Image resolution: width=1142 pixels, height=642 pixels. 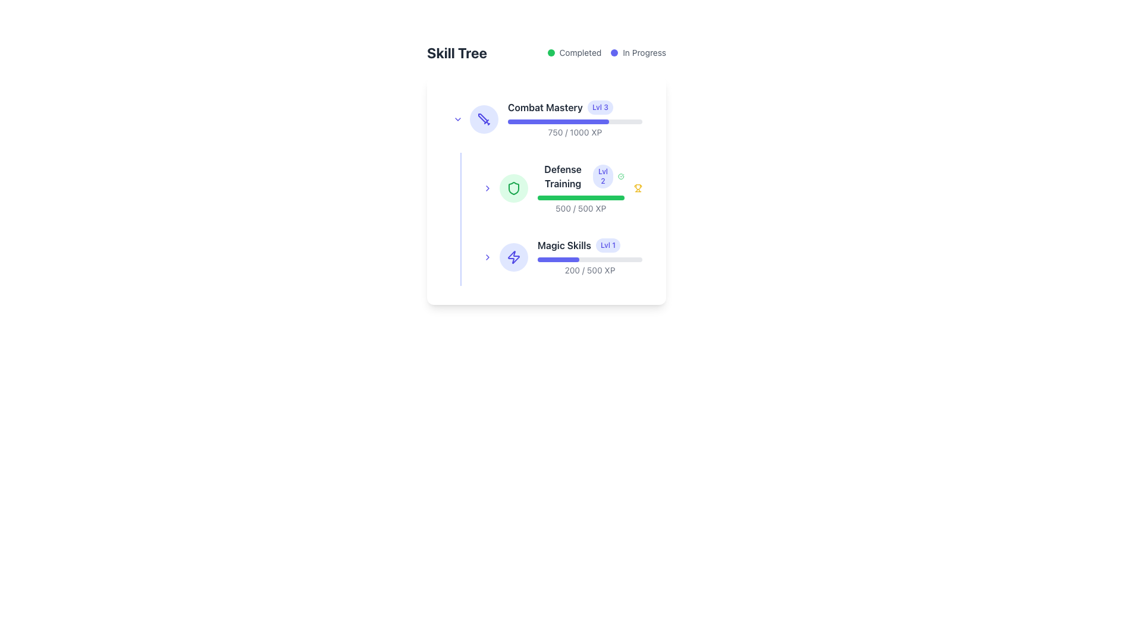 I want to click on the sword icon displayed within a circular, indigo-shaded background, which is the first icon in the skill categories of the skill tree interface, located to the left of the 'Combat Mastery' skill bar, so click(x=484, y=119).